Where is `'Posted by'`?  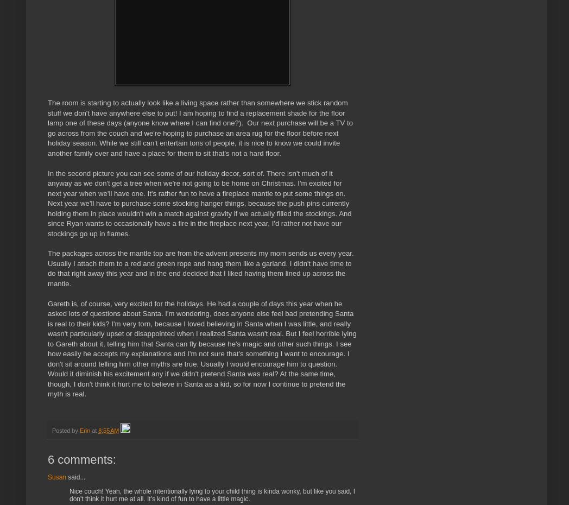 'Posted by' is located at coordinates (51, 430).